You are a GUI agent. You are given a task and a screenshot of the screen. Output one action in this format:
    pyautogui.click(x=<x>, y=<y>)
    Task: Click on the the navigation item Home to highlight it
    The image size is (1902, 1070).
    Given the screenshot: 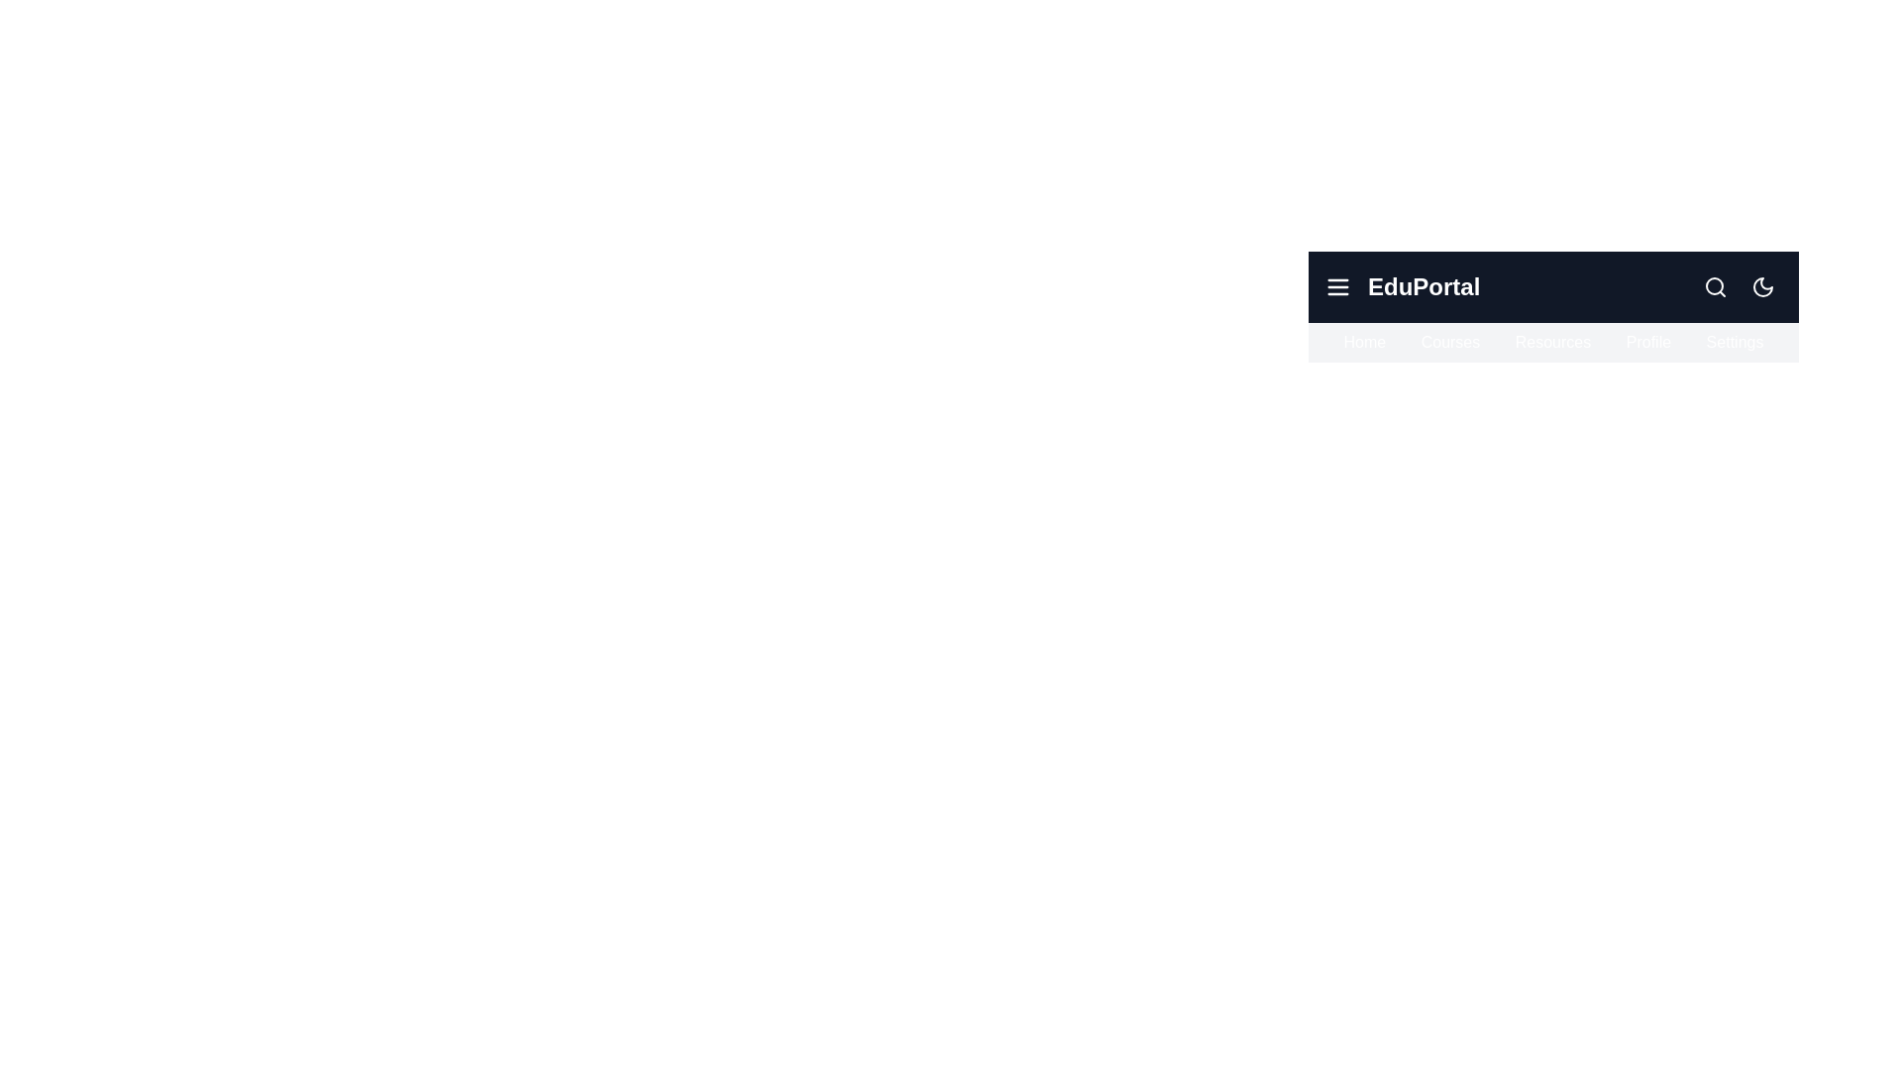 What is the action you would take?
    pyautogui.click(x=1363, y=342)
    